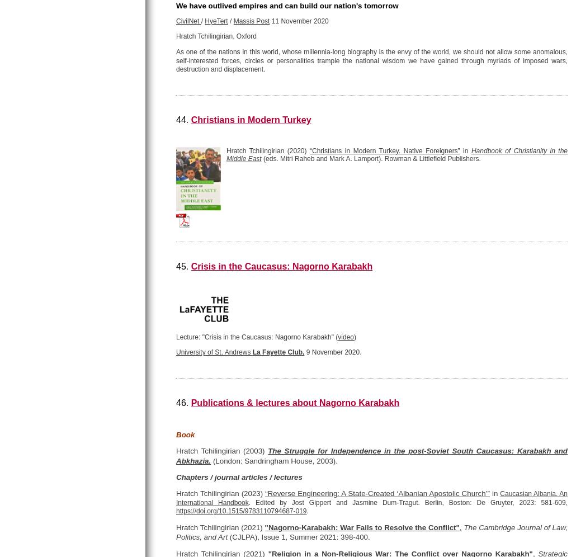  What do you see at coordinates (240, 511) in the screenshot?
I see `'https://doi.org/10.1515/9783110794687-019'` at bounding box center [240, 511].